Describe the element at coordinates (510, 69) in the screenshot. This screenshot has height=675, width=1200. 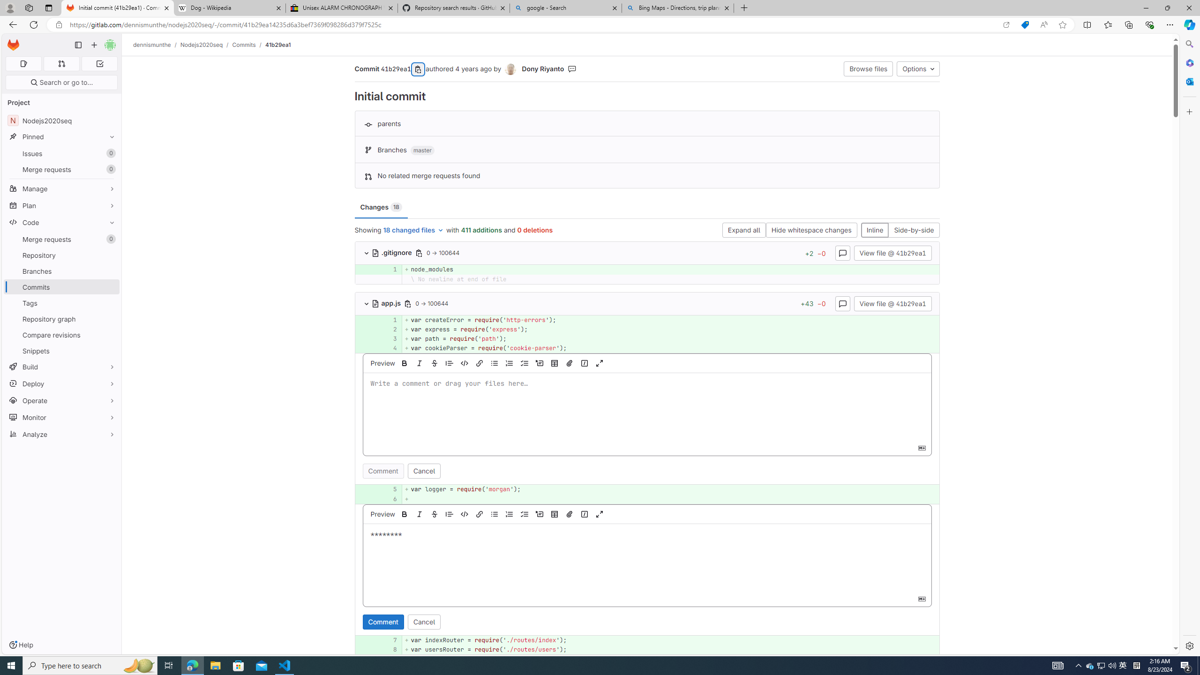
I see `'Dony Riyanto'` at that location.